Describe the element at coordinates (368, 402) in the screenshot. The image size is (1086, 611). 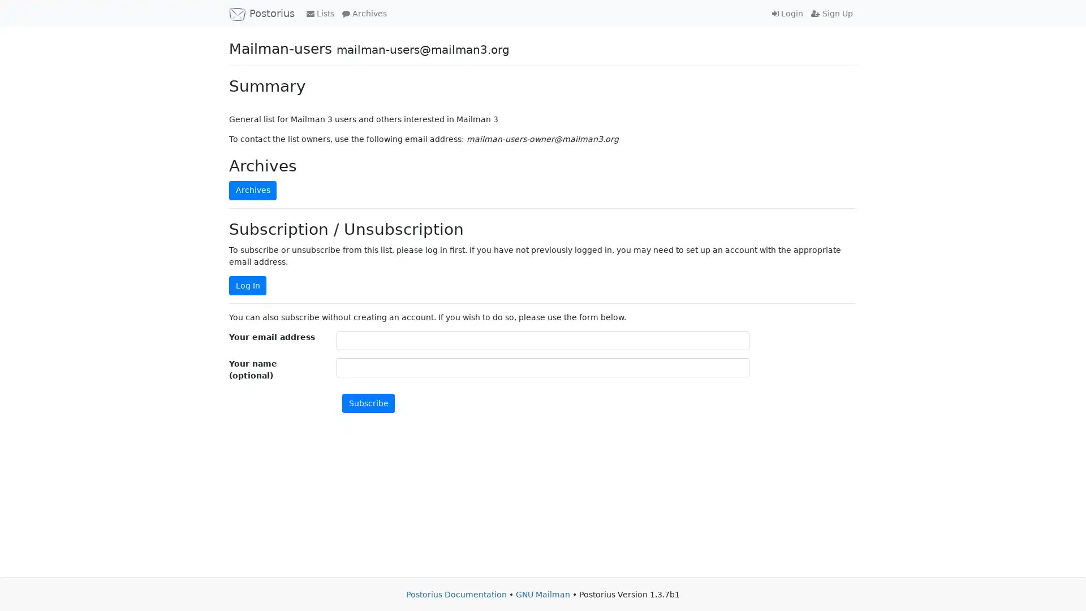
I see `Subscribe` at that location.